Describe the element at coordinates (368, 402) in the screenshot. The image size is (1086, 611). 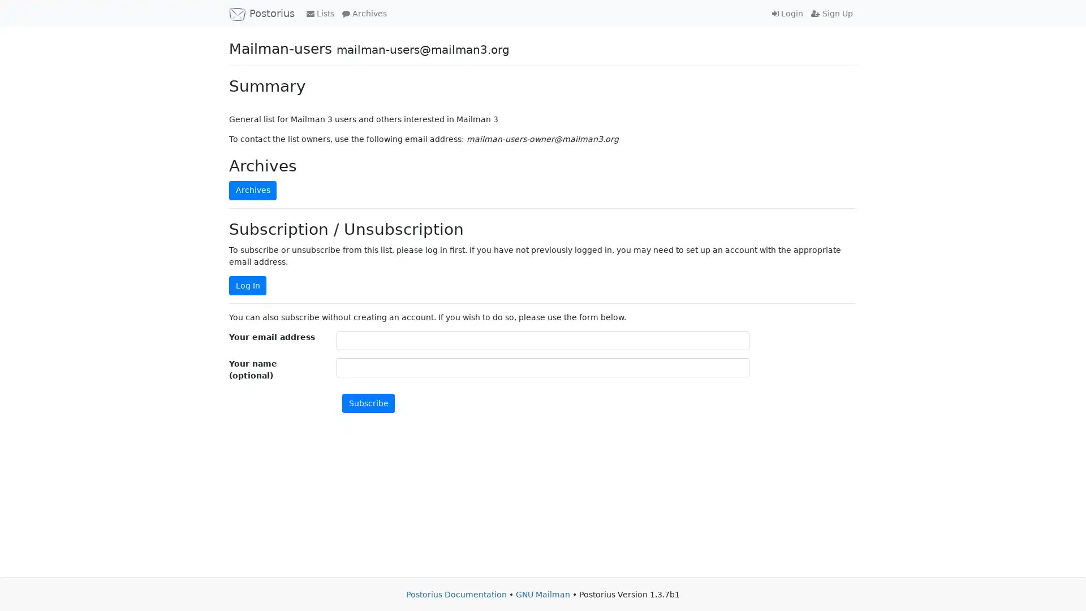
I see `Subscribe` at that location.